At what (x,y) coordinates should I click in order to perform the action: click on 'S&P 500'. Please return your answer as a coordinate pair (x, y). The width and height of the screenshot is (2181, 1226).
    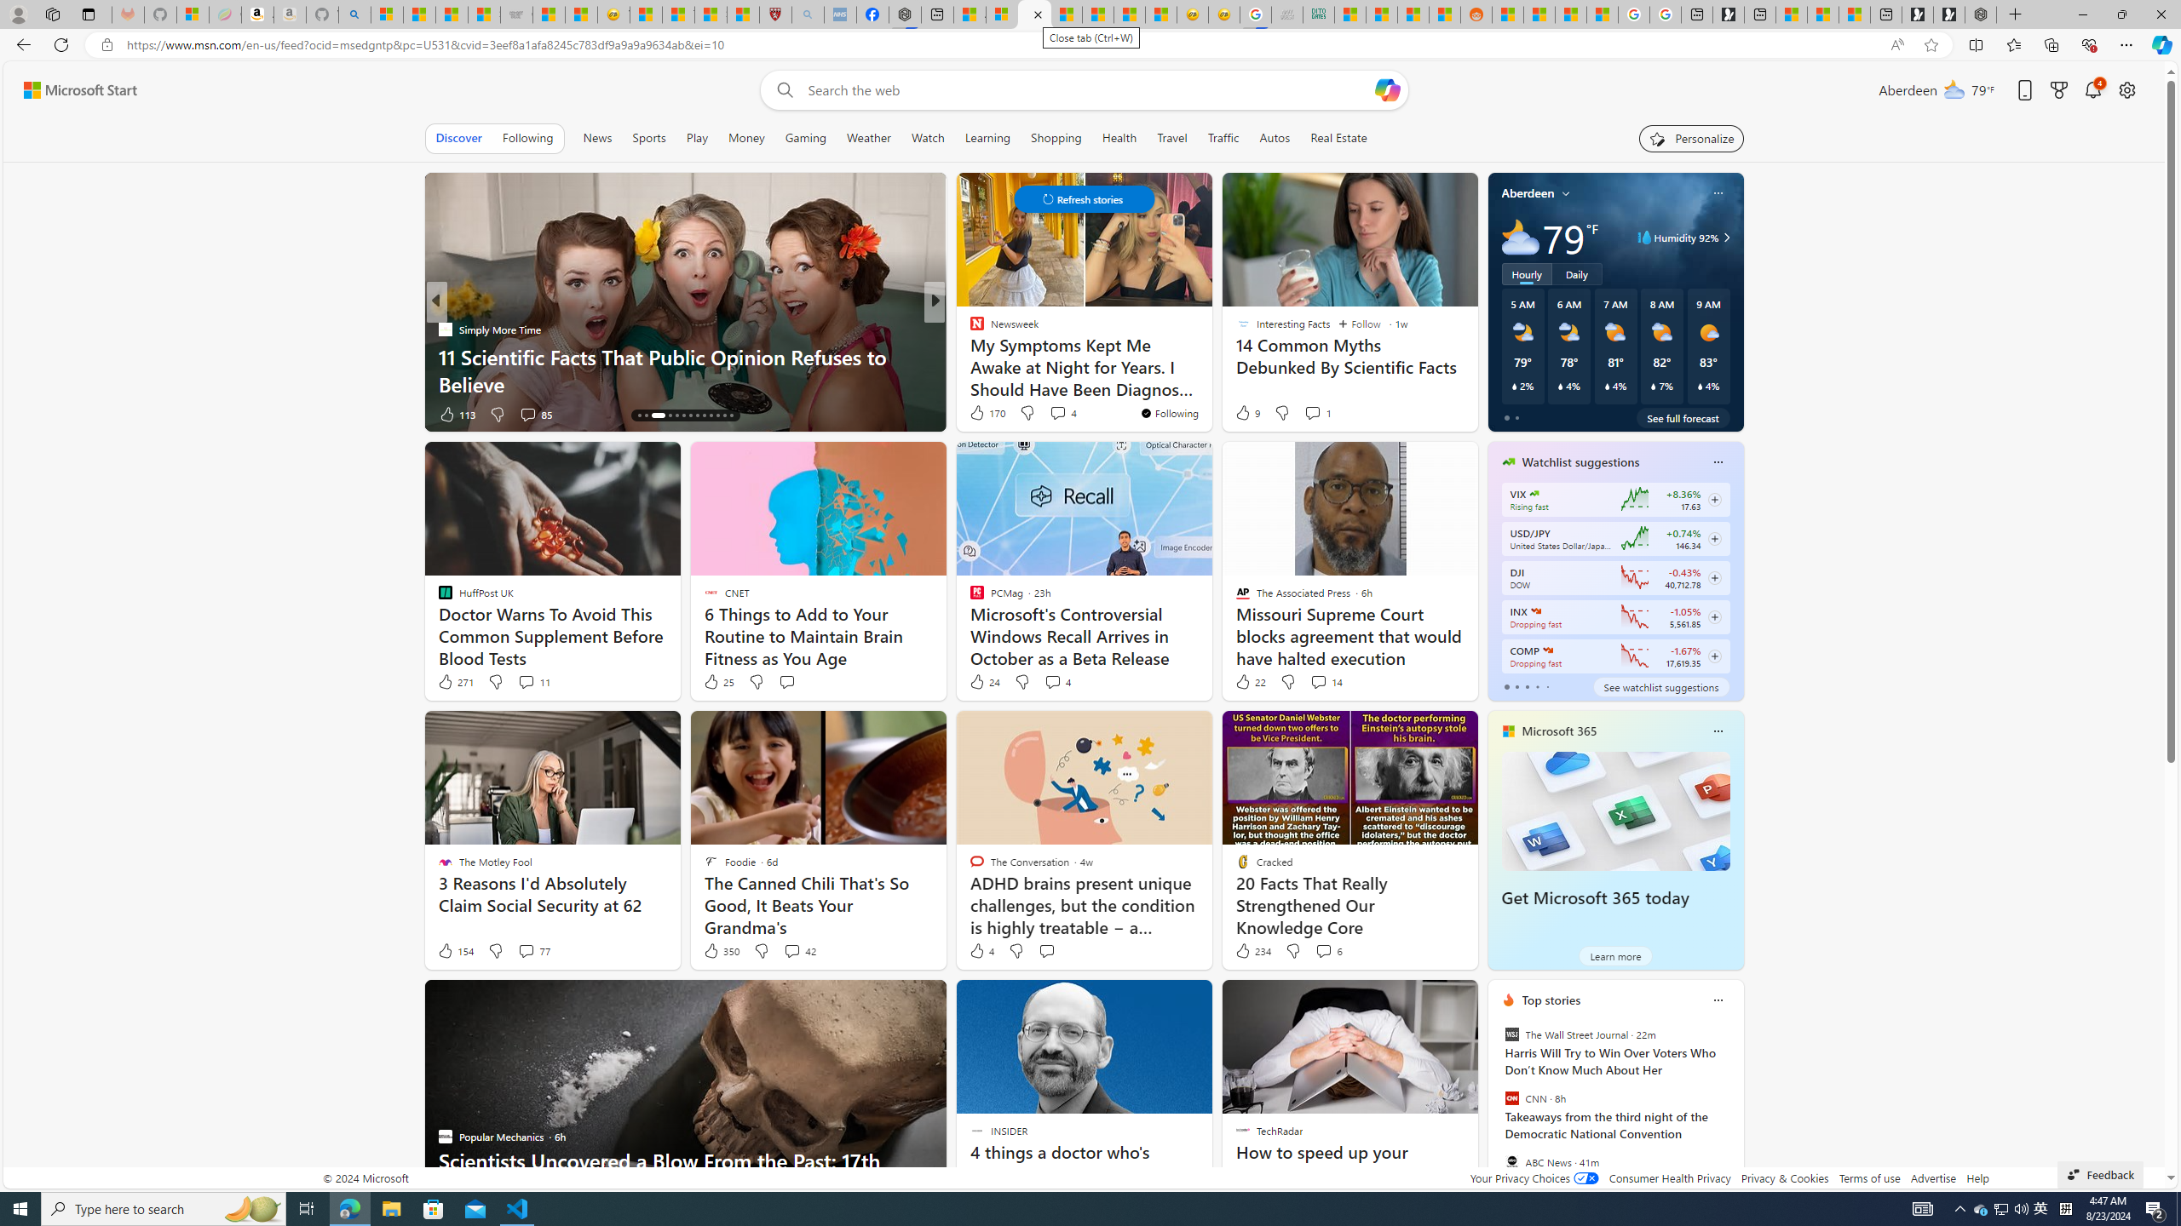
    Looking at the image, I should click on (1535, 610).